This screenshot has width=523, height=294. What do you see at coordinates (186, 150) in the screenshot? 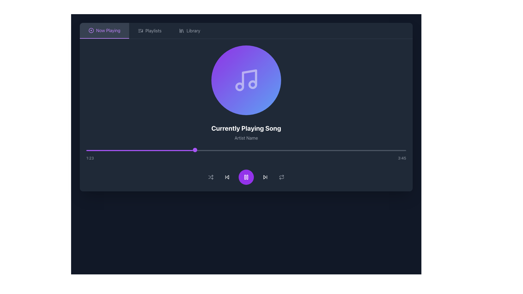
I see `the playback position` at bounding box center [186, 150].